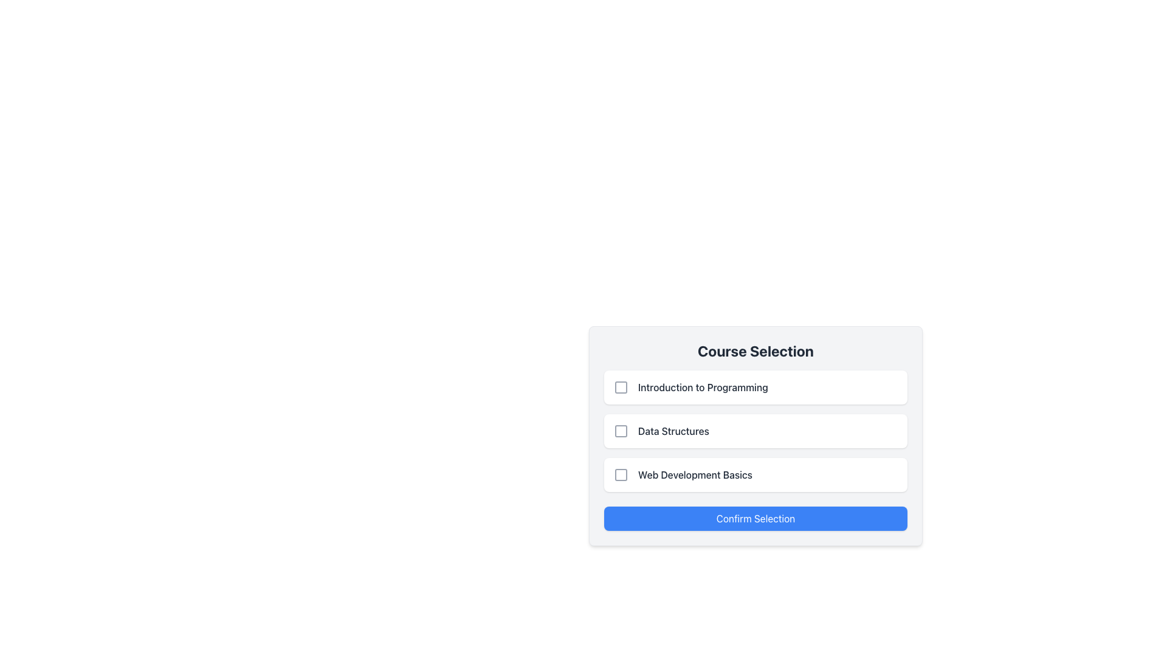 Image resolution: width=1167 pixels, height=656 pixels. I want to click on the checkboxes, so click(755, 473).